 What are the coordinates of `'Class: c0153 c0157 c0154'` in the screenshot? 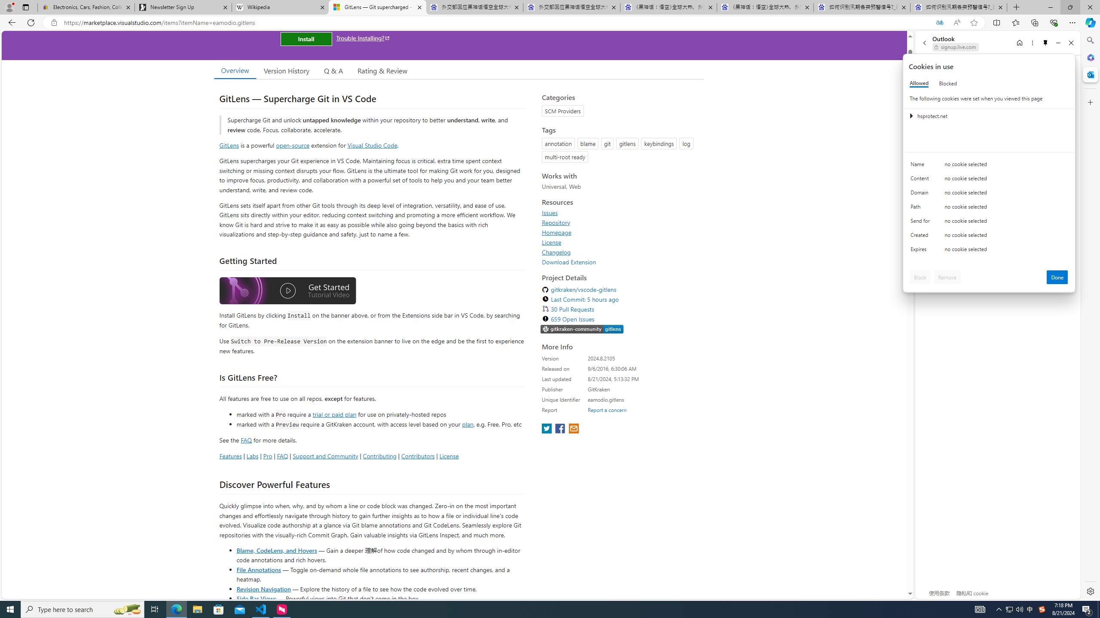 It's located at (989, 166).